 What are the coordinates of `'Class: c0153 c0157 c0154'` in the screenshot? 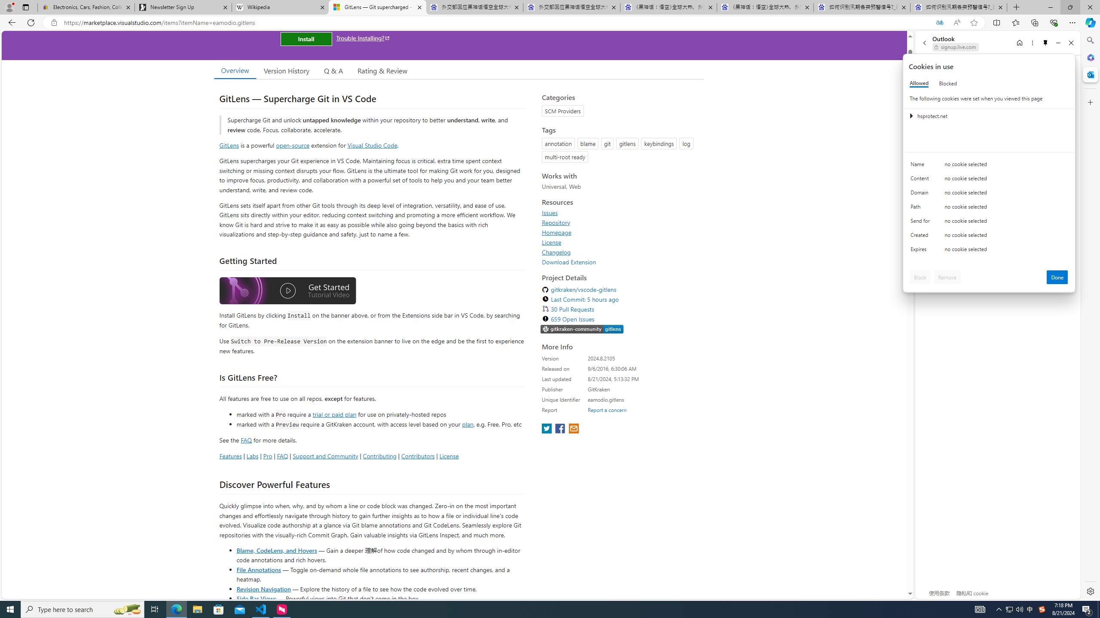 It's located at (989, 166).